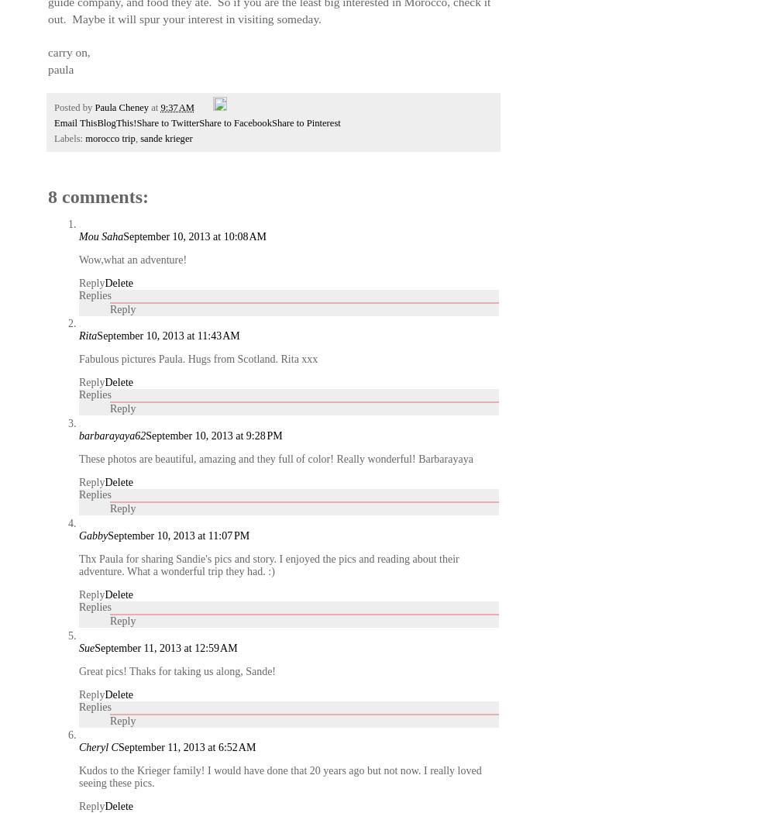 The width and height of the screenshot is (781, 813). Describe the element at coordinates (166, 137) in the screenshot. I see `'sande krieger'` at that location.